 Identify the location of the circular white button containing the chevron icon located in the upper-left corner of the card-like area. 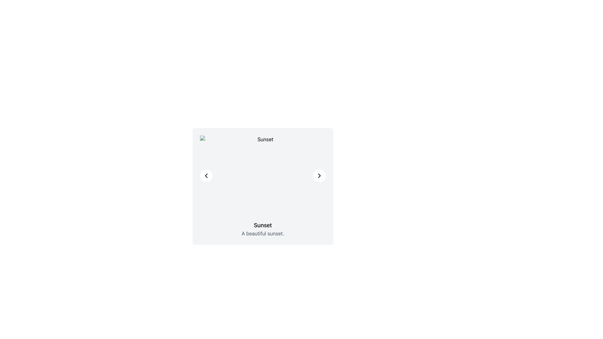
(206, 175).